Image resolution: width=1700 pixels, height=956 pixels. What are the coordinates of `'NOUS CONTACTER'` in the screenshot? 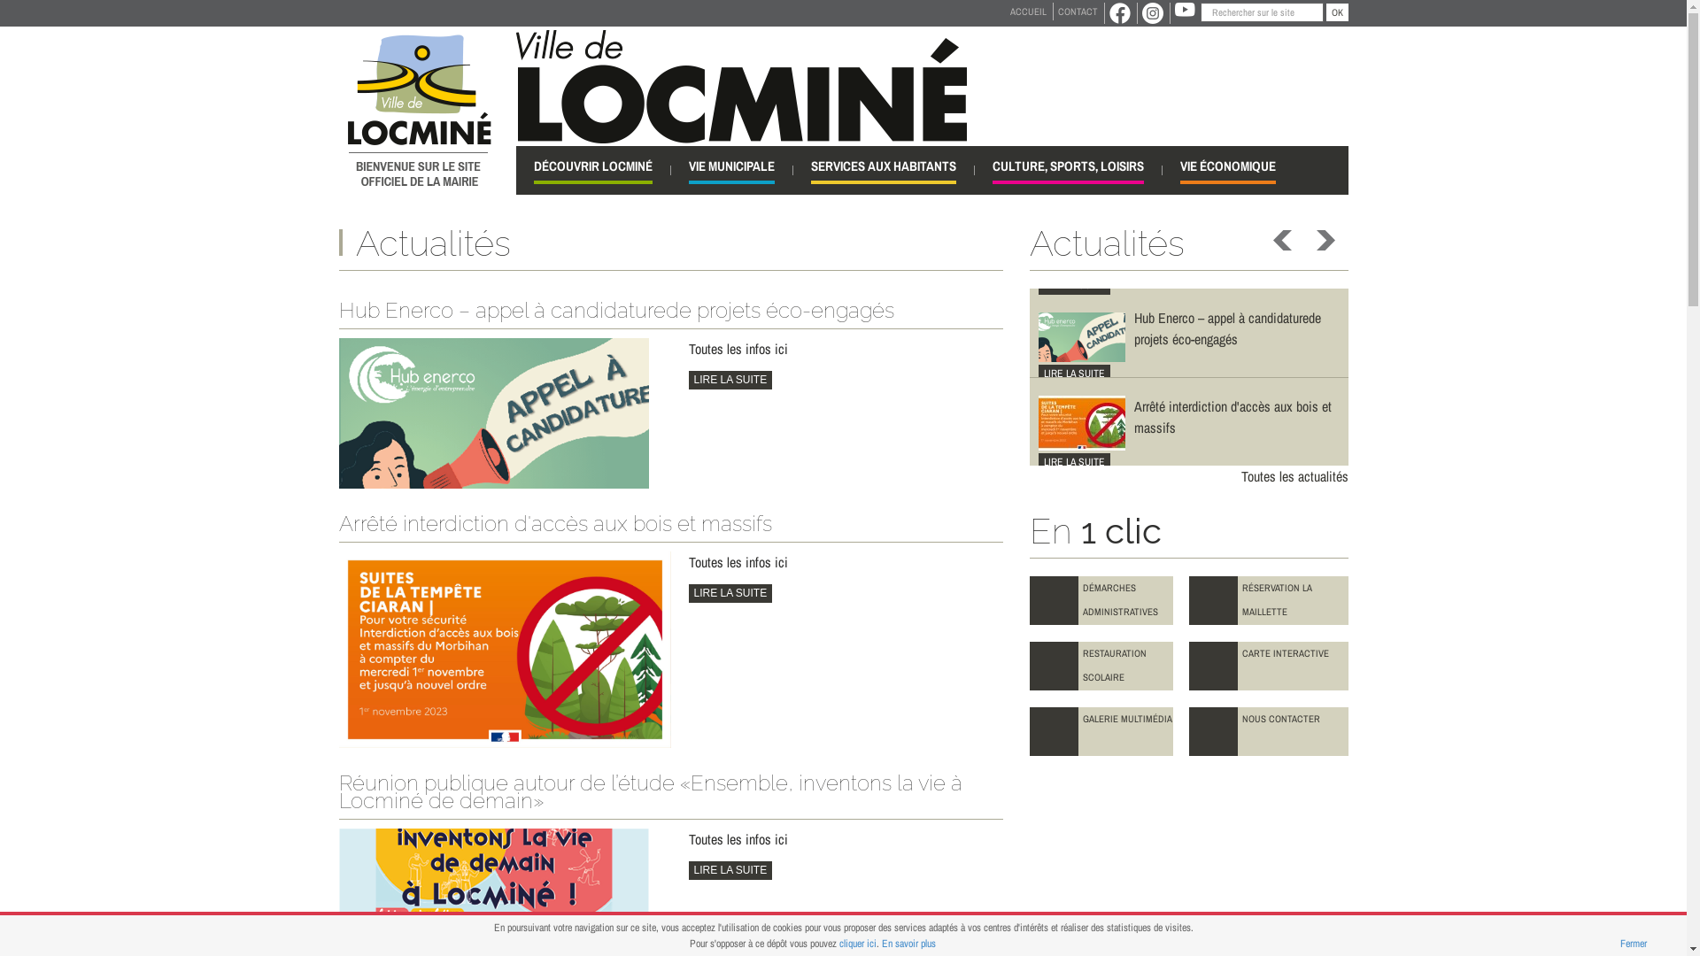 It's located at (1266, 731).